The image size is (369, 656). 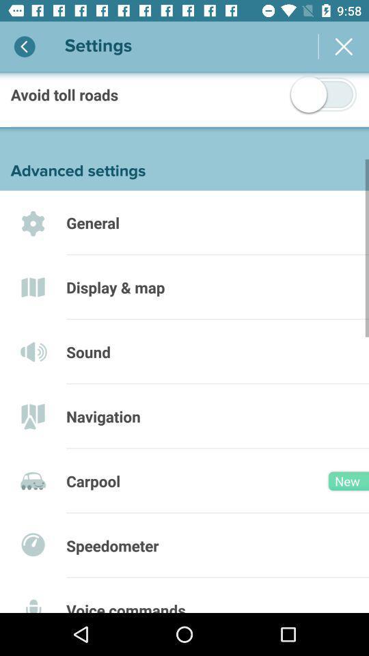 I want to click on the  close button, so click(x=343, y=46).